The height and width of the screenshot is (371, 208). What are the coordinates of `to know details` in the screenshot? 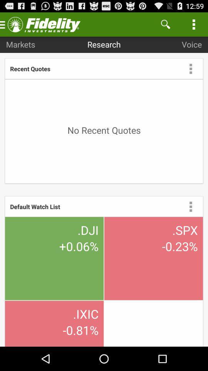 It's located at (190, 206).